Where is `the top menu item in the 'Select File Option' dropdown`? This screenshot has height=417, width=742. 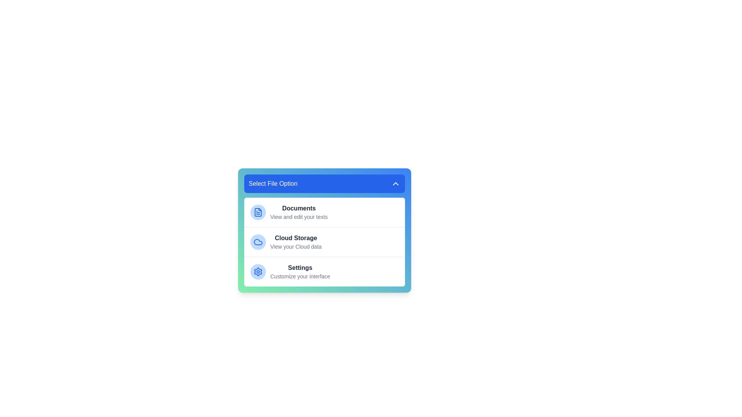 the top menu item in the 'Select File Option' dropdown is located at coordinates (324, 212).